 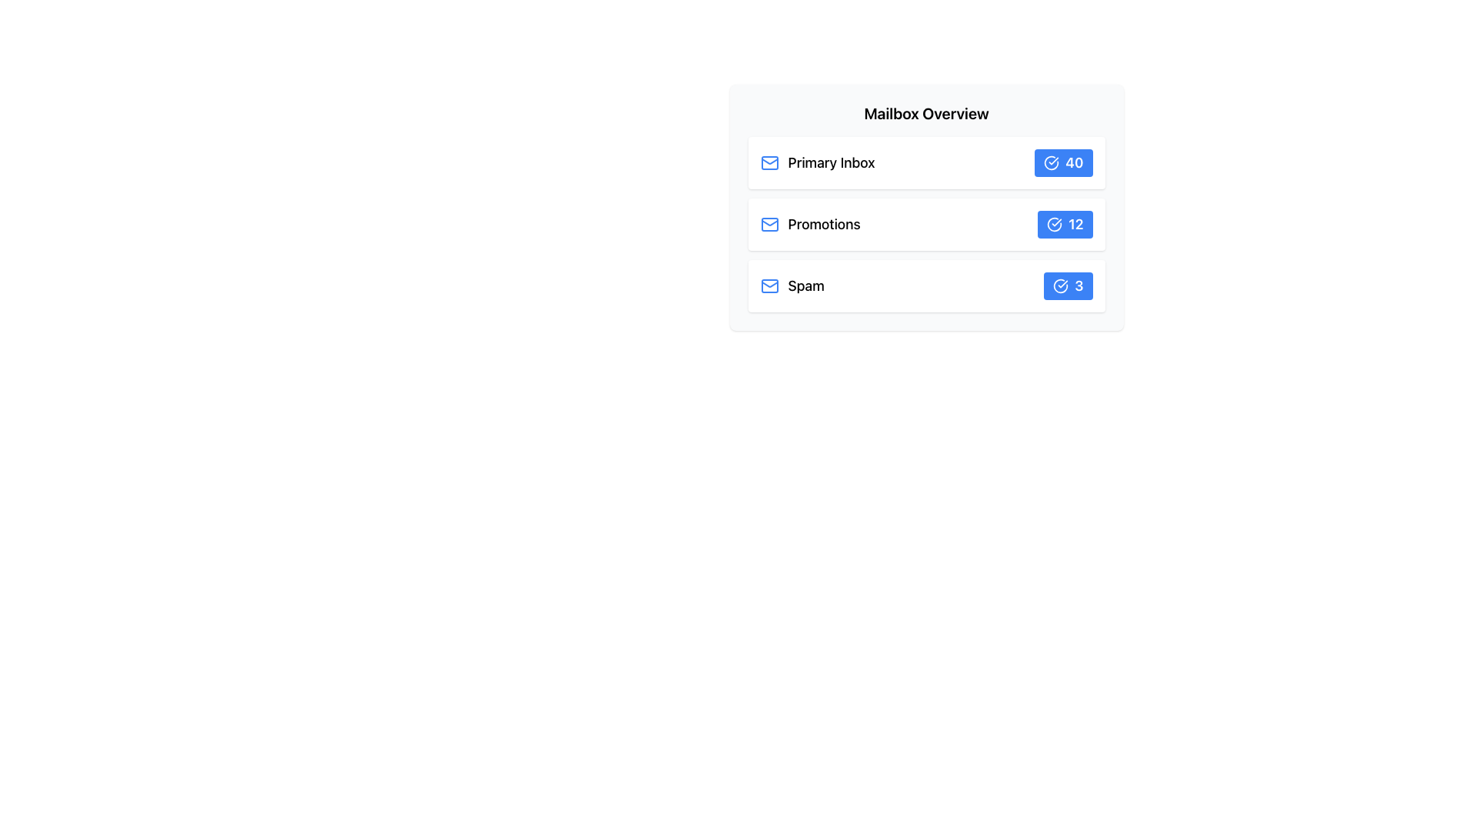 I want to click on the button indicating the number of items in the 'Spam' category, located at the right edge of the 'Mailbox Overview' panel, following the text 'Spam', so click(x=1066, y=285).